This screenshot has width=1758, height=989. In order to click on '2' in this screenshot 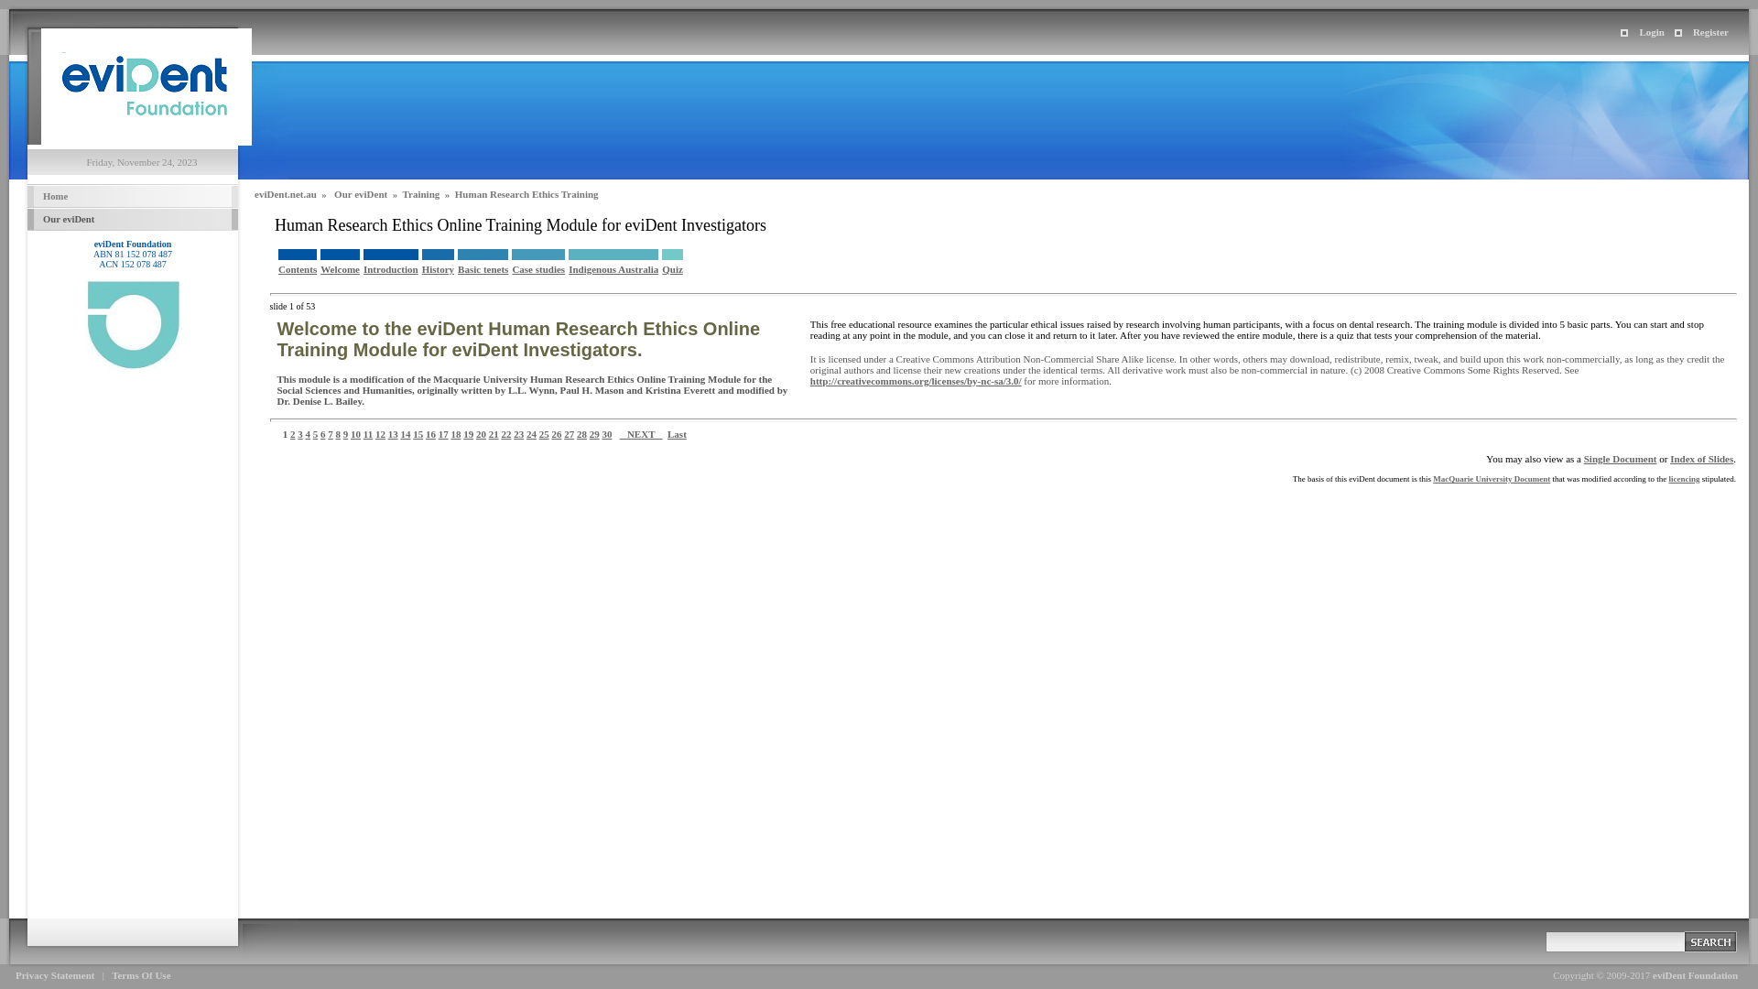, I will do `click(288, 434)`.